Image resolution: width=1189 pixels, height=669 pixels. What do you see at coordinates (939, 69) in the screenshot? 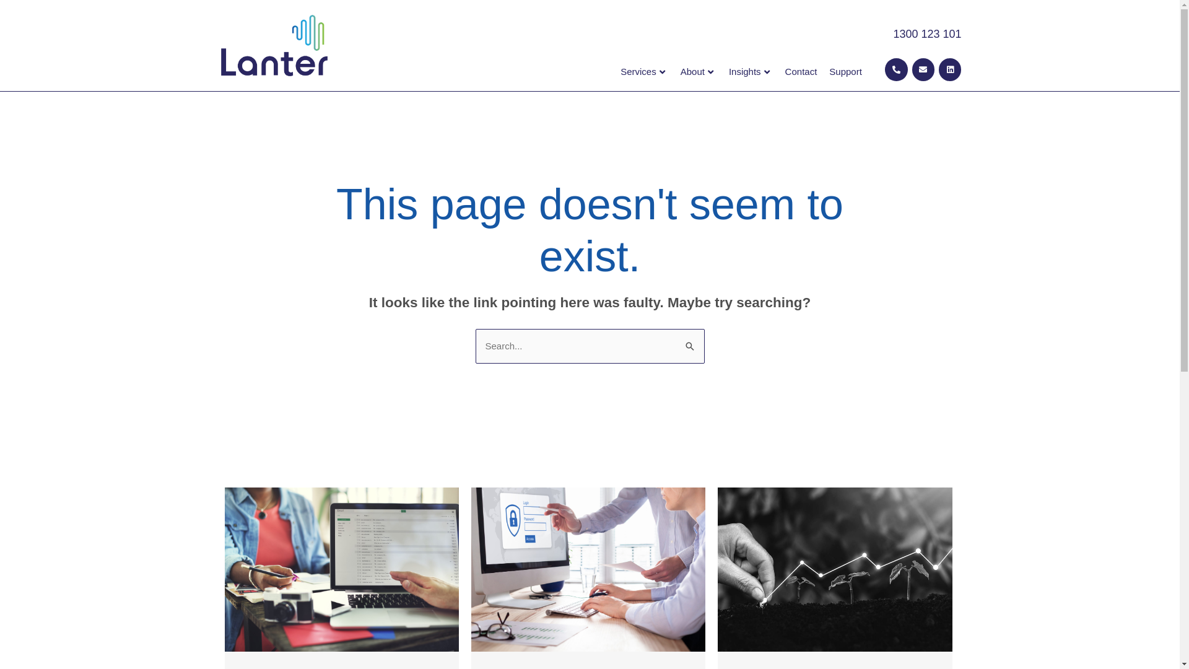
I see `'Linkedin'` at bounding box center [939, 69].